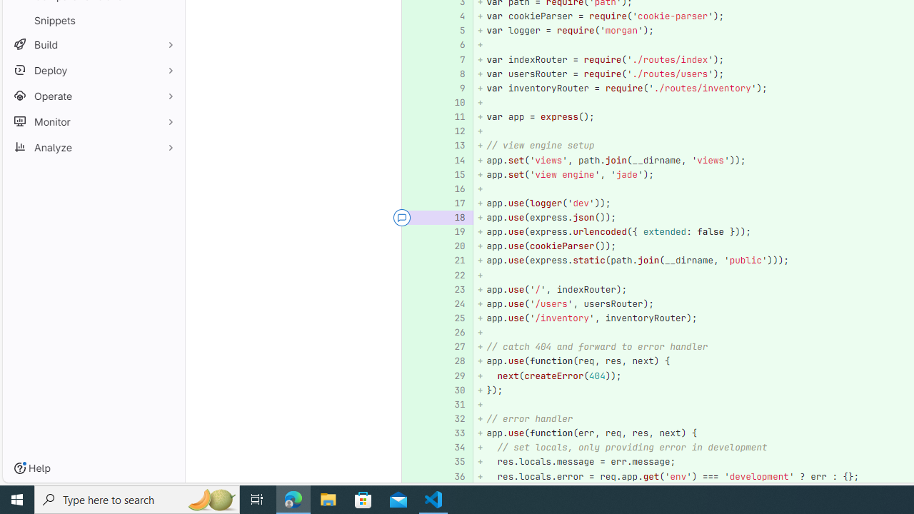 Image resolution: width=914 pixels, height=514 pixels. Describe the element at coordinates (452, 318) in the screenshot. I see `'25'` at that location.